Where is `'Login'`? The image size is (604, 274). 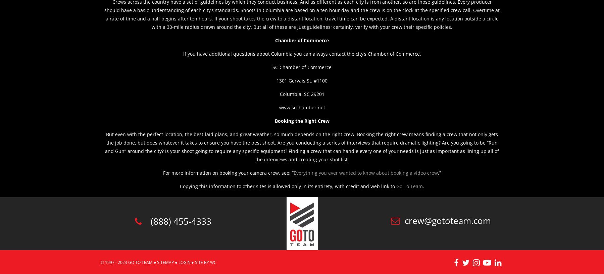
'Login' is located at coordinates (178, 262).